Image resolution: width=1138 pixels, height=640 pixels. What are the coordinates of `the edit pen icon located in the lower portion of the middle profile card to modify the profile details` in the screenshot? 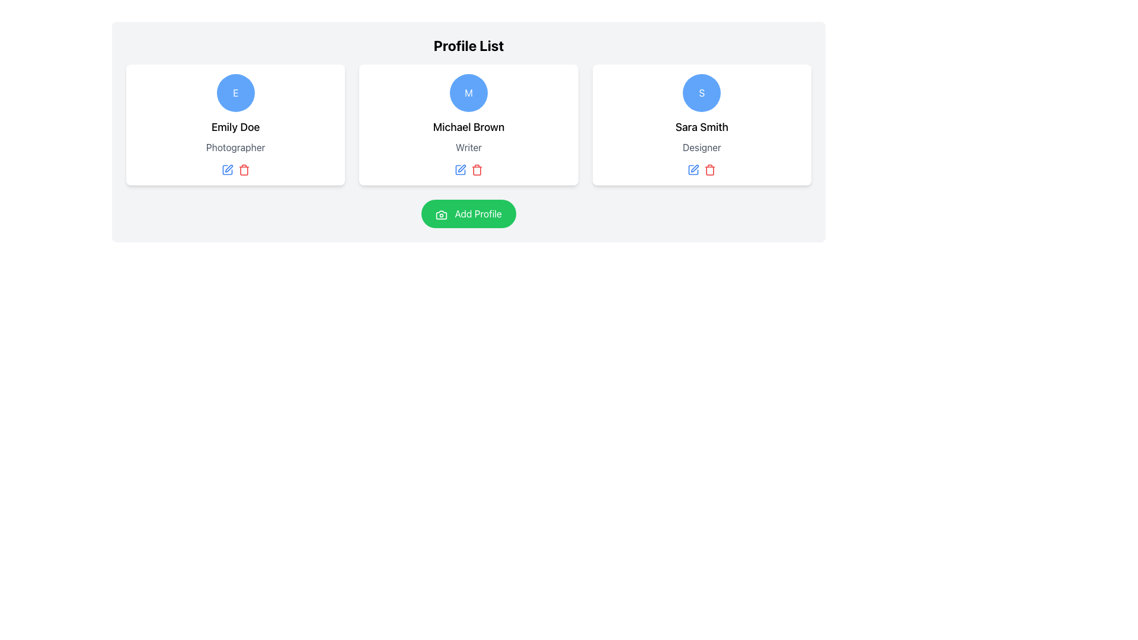 It's located at (461, 168).